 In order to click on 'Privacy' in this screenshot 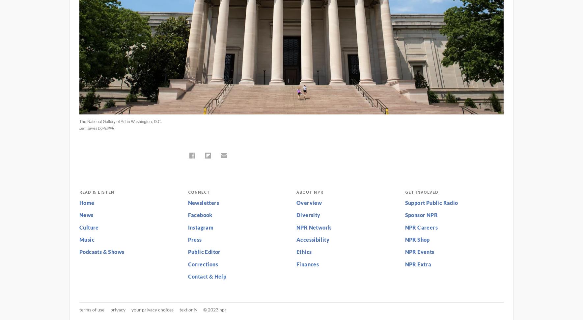, I will do `click(118, 309)`.